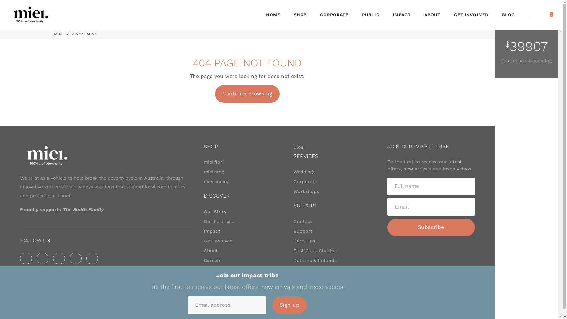 The width and height of the screenshot is (567, 319). Describe the element at coordinates (218, 221) in the screenshot. I see `'Our Partners'` at that location.